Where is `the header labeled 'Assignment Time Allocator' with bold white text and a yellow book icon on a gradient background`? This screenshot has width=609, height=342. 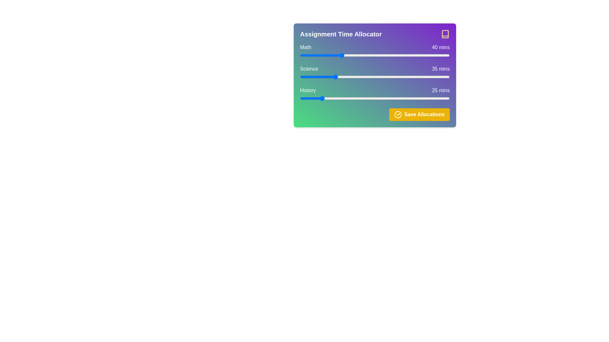 the header labeled 'Assignment Time Allocator' with bold white text and a yellow book icon on a gradient background is located at coordinates (375, 34).